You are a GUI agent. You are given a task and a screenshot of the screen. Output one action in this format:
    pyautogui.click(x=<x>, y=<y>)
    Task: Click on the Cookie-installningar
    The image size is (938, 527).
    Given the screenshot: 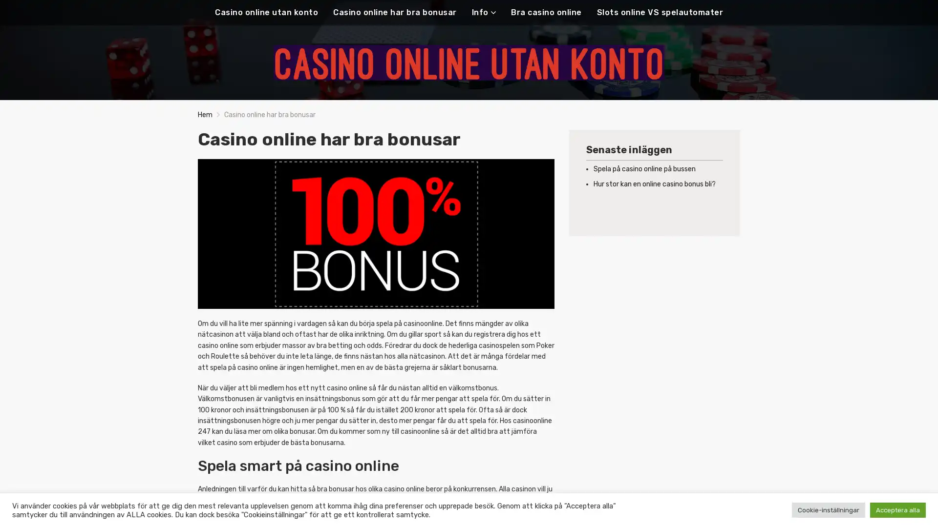 What is the action you would take?
    pyautogui.click(x=828, y=509)
    